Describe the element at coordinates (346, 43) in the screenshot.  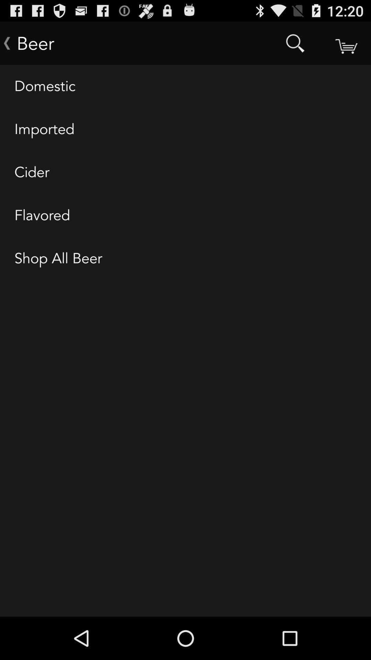
I see `shopping cart` at that location.